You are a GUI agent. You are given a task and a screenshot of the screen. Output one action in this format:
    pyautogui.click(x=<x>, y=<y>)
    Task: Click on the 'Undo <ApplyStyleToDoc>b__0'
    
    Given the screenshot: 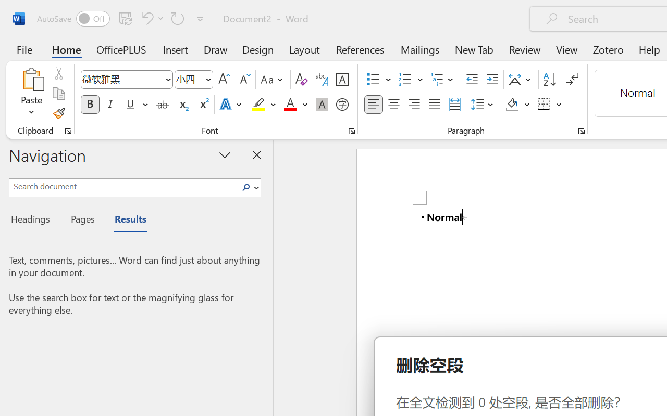 What is the action you would take?
    pyautogui.click(x=145, y=18)
    